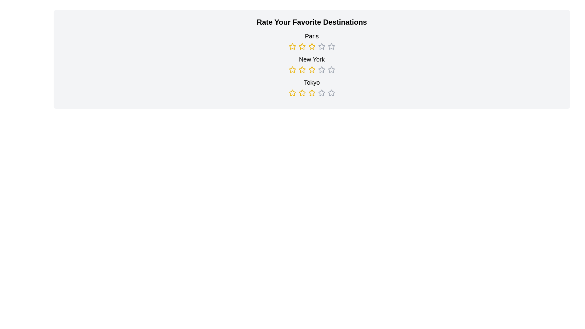  Describe the element at coordinates (302, 69) in the screenshot. I see `the third star icon in the rating system under the 'New York' label` at that location.